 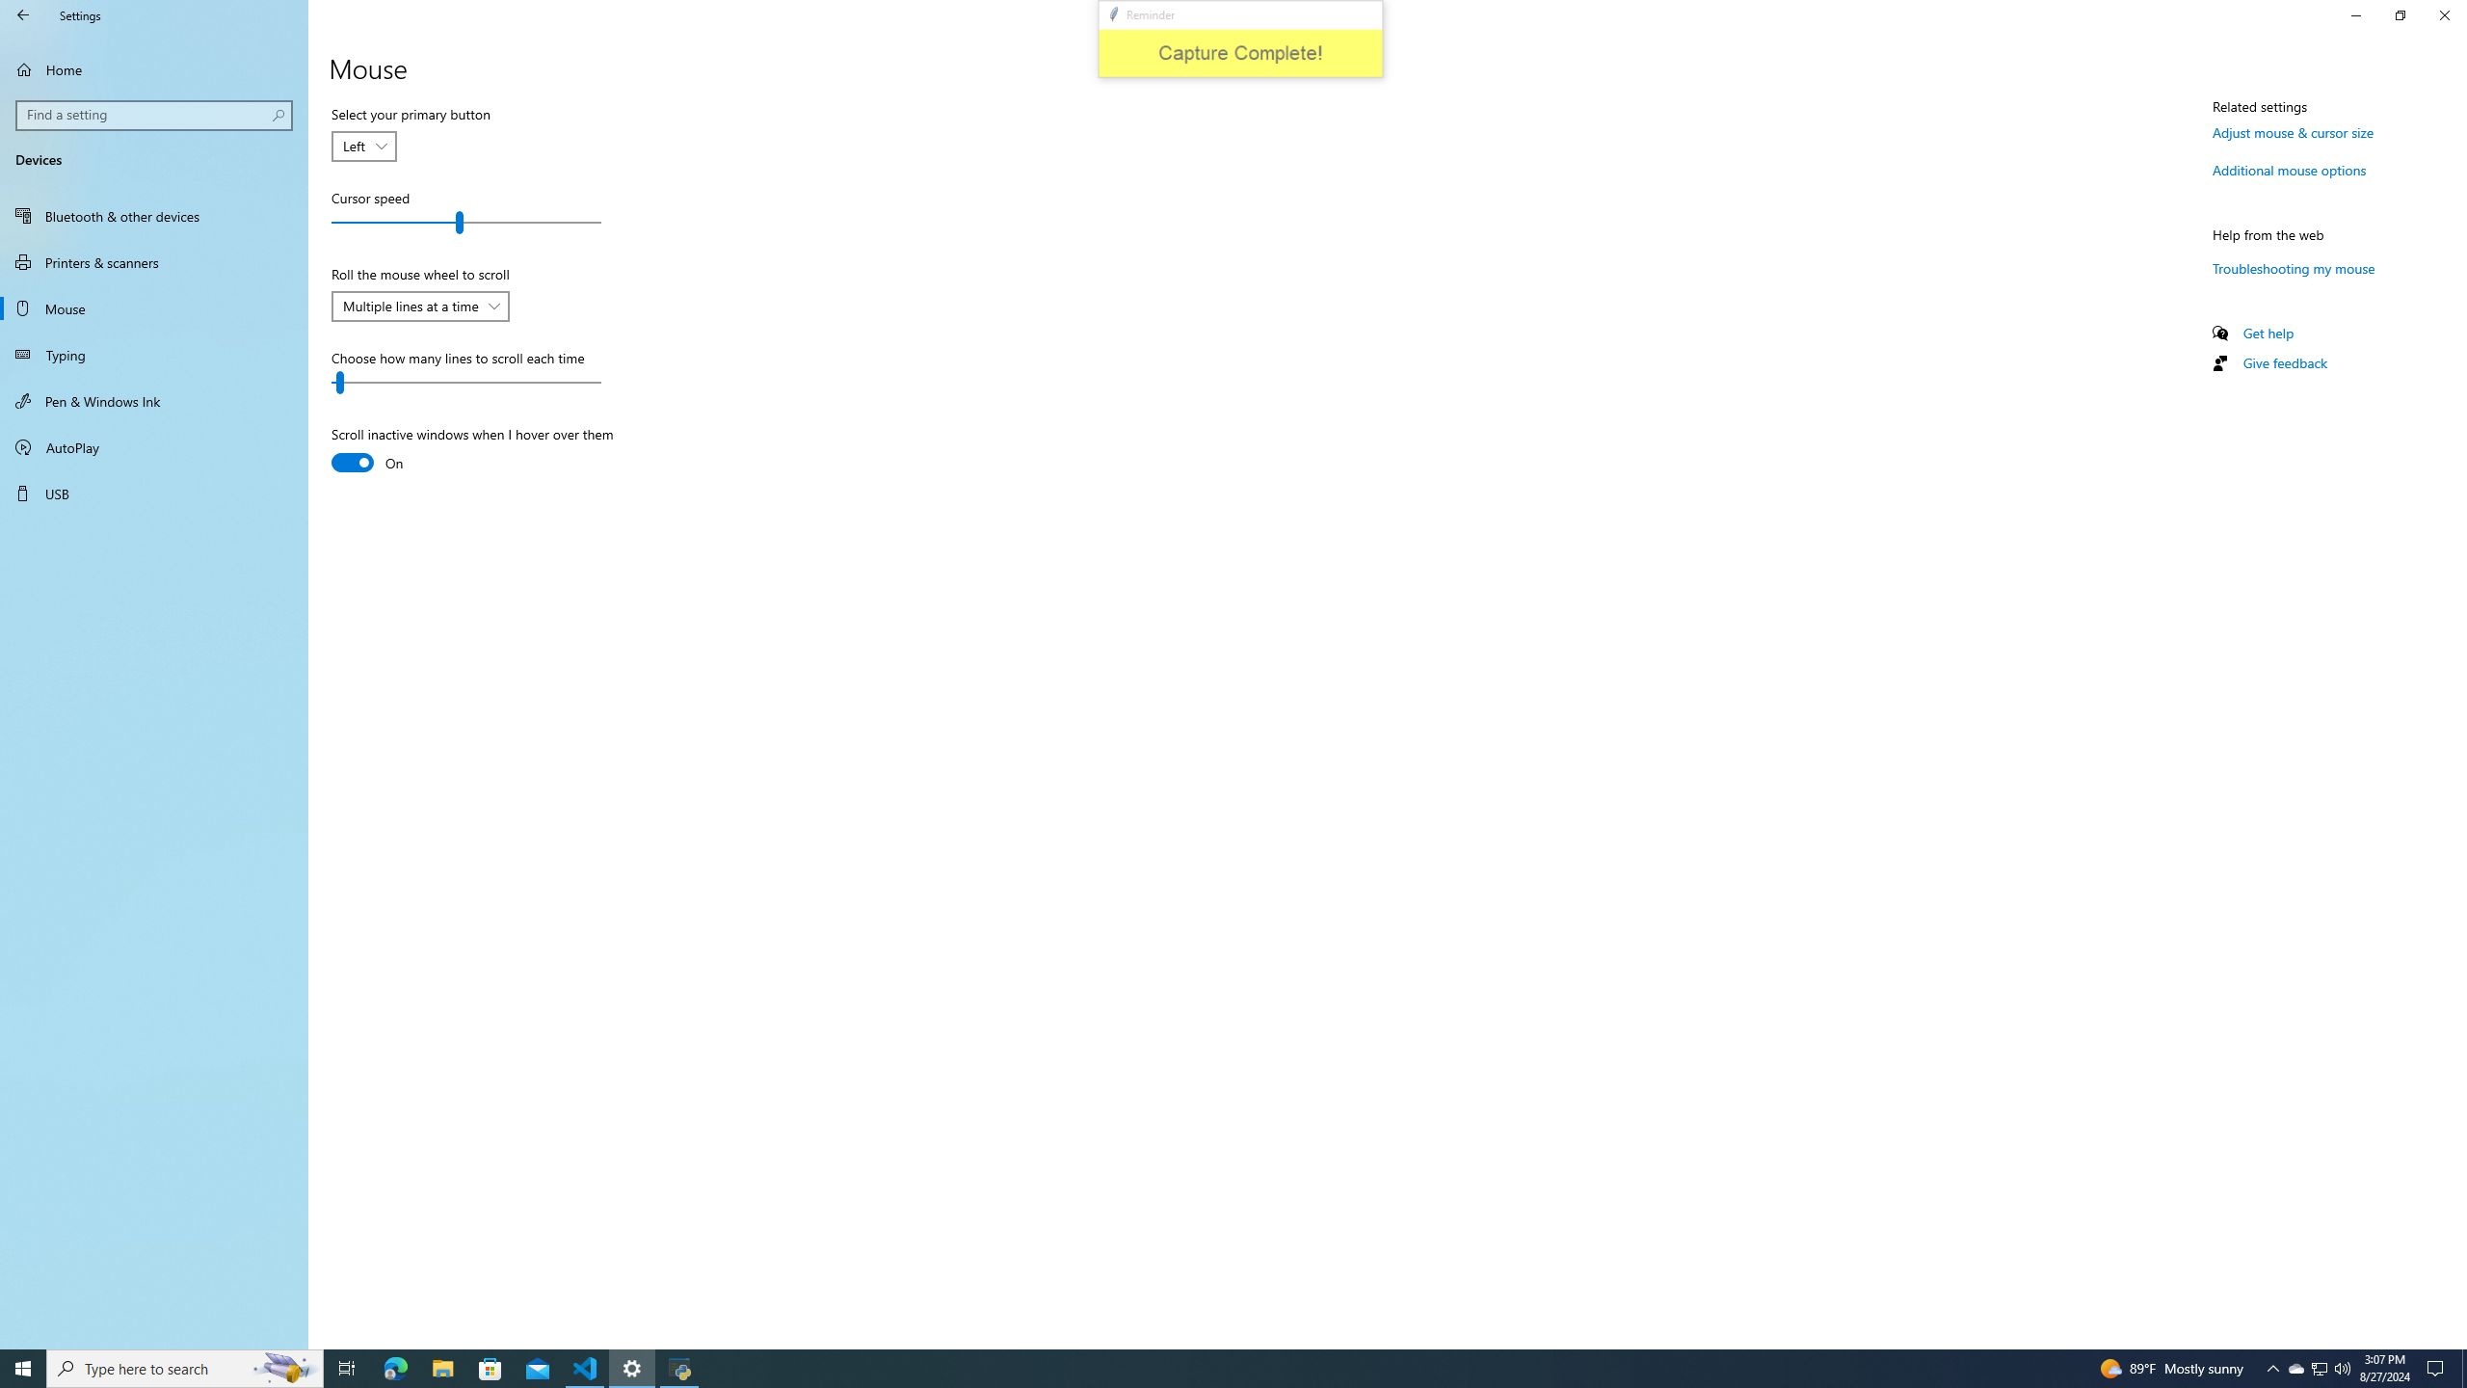 What do you see at coordinates (632, 1367) in the screenshot?
I see `'Settings - 1 running window'` at bounding box center [632, 1367].